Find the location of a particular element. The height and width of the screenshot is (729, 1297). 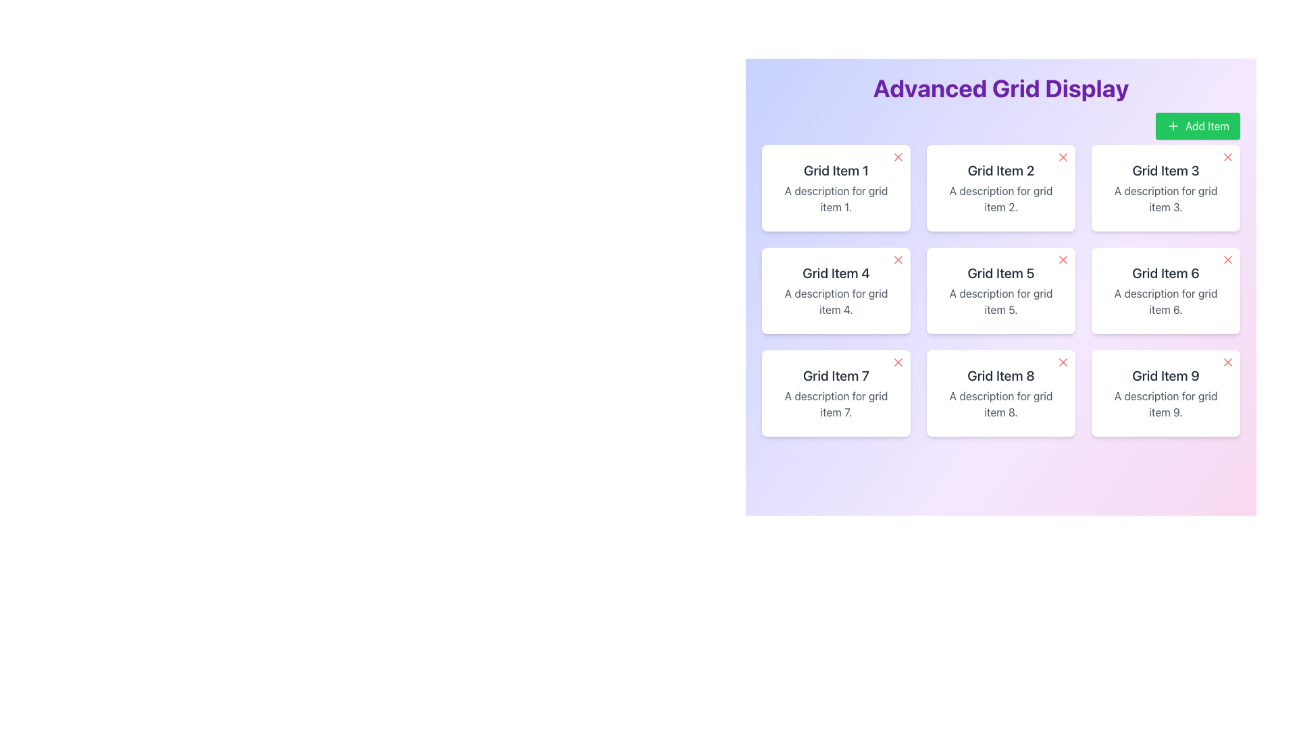

the close icon located in the top-right corner of the card labeled 'Grid Item 9' to initiate a close action is located at coordinates (1228, 361).